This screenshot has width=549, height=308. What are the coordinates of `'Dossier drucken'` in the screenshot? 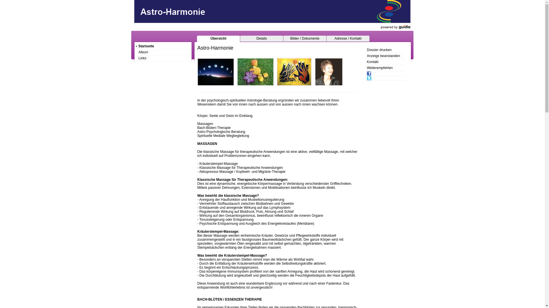 It's located at (385, 50).